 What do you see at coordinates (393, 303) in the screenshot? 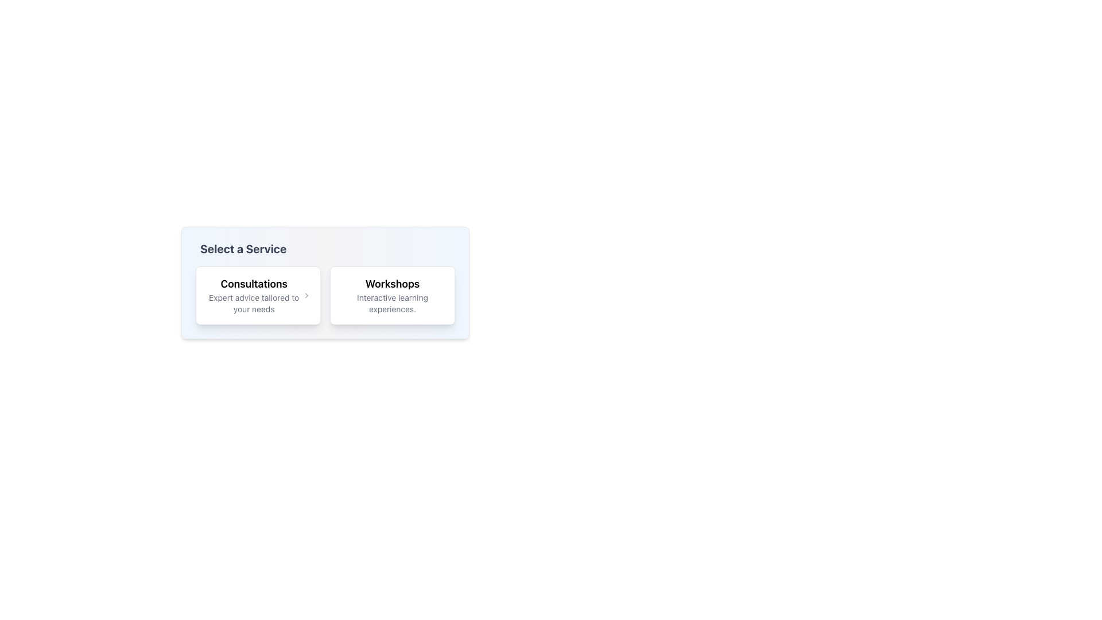
I see `the text label displaying 'Interactive learning experiences.' which is located below the 'Workshops' title in the right card of the service selection section` at bounding box center [393, 303].